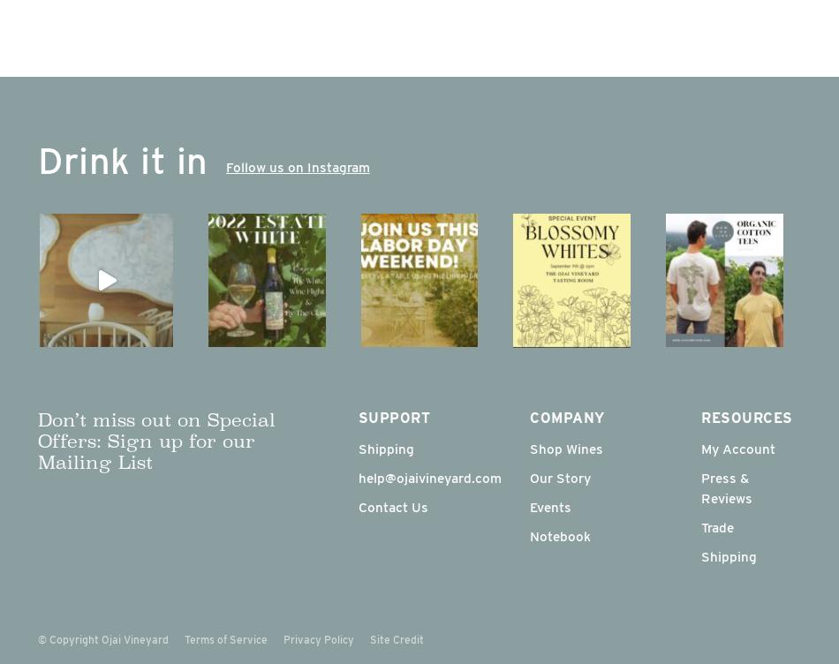 This screenshot has height=664, width=839. What do you see at coordinates (122, 159) in the screenshot?
I see `'Drink it in'` at bounding box center [122, 159].